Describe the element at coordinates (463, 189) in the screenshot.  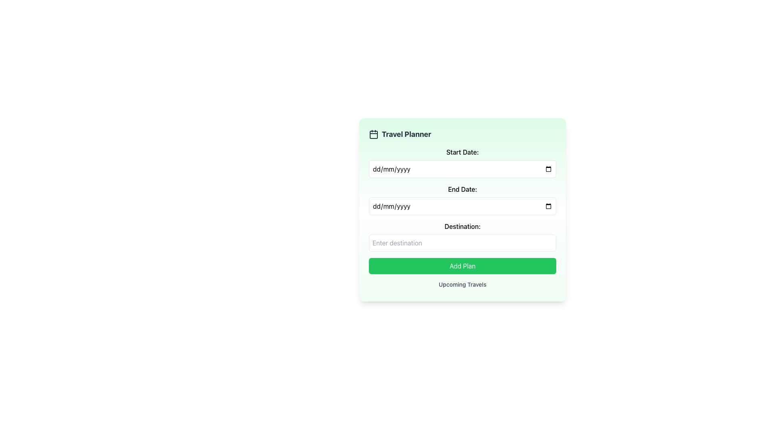
I see `the 'End Date:' text label that indicates the user should provide an end date for their travel plan` at that location.